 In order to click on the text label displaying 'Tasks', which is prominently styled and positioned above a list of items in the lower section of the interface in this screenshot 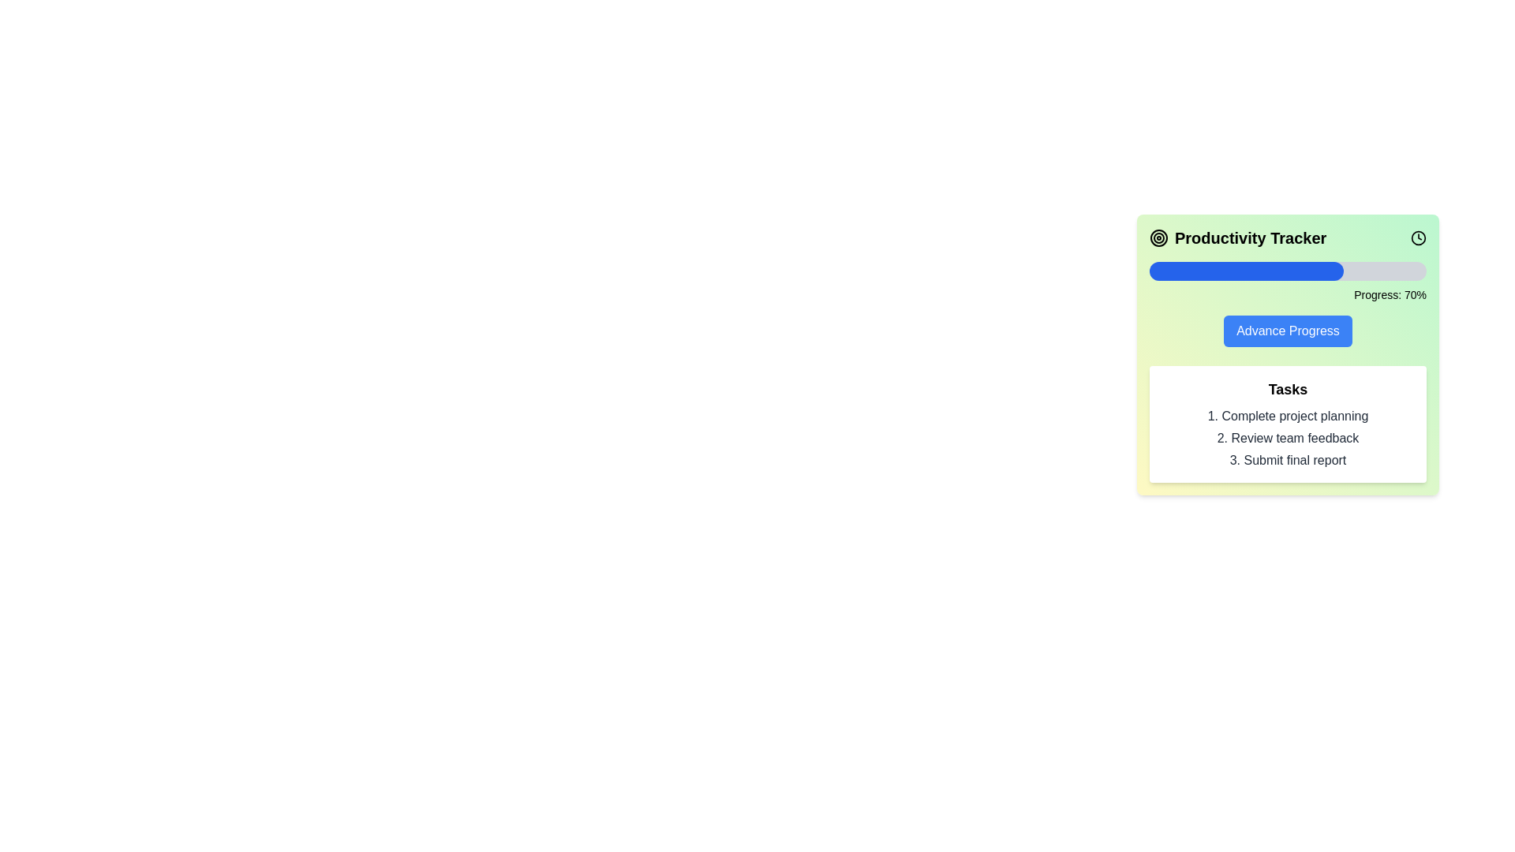, I will do `click(1288, 389)`.